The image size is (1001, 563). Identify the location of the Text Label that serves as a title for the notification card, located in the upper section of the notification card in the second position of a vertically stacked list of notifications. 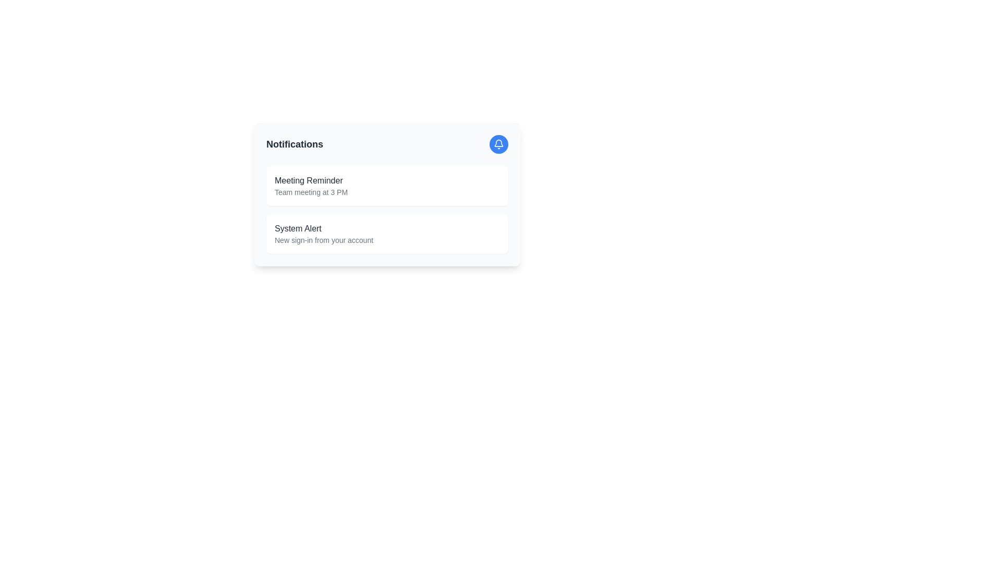
(297, 228).